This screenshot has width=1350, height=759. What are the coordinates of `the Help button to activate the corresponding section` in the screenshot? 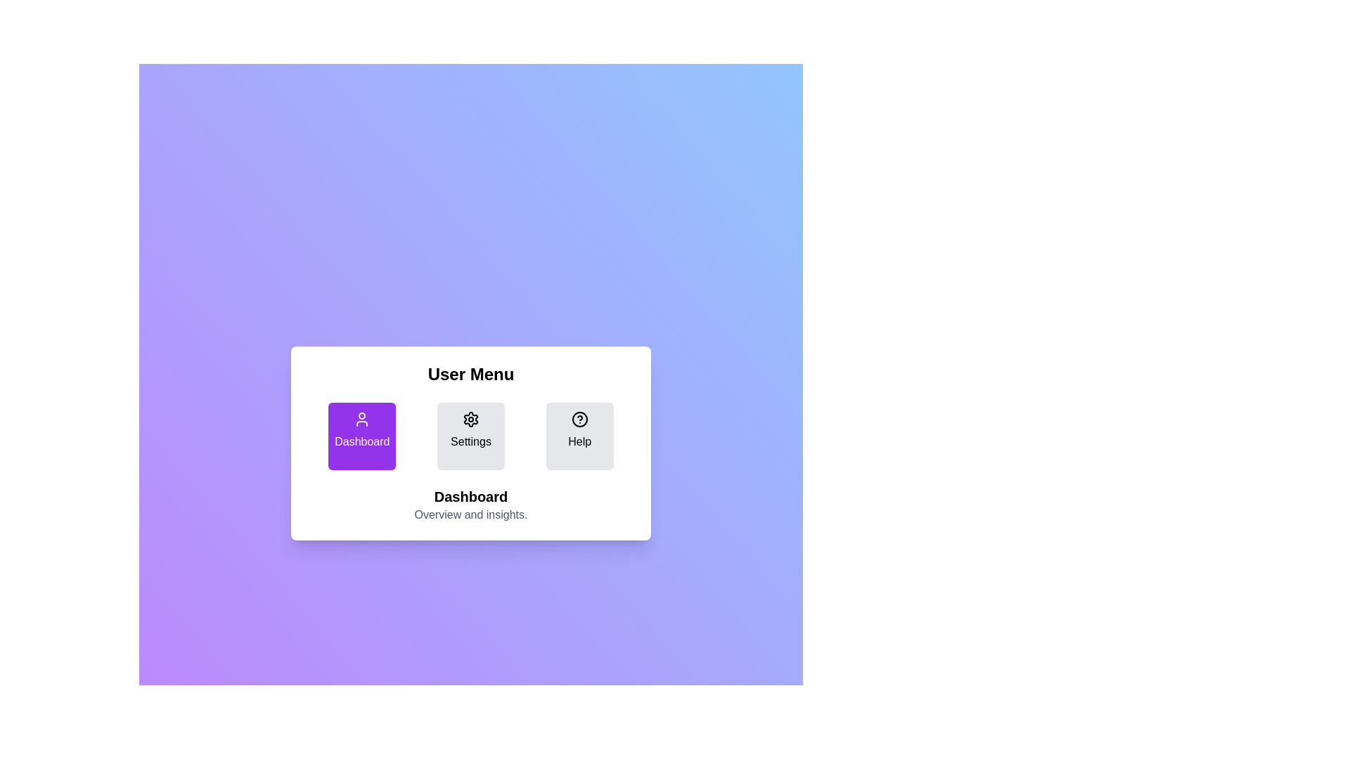 It's located at (579, 436).